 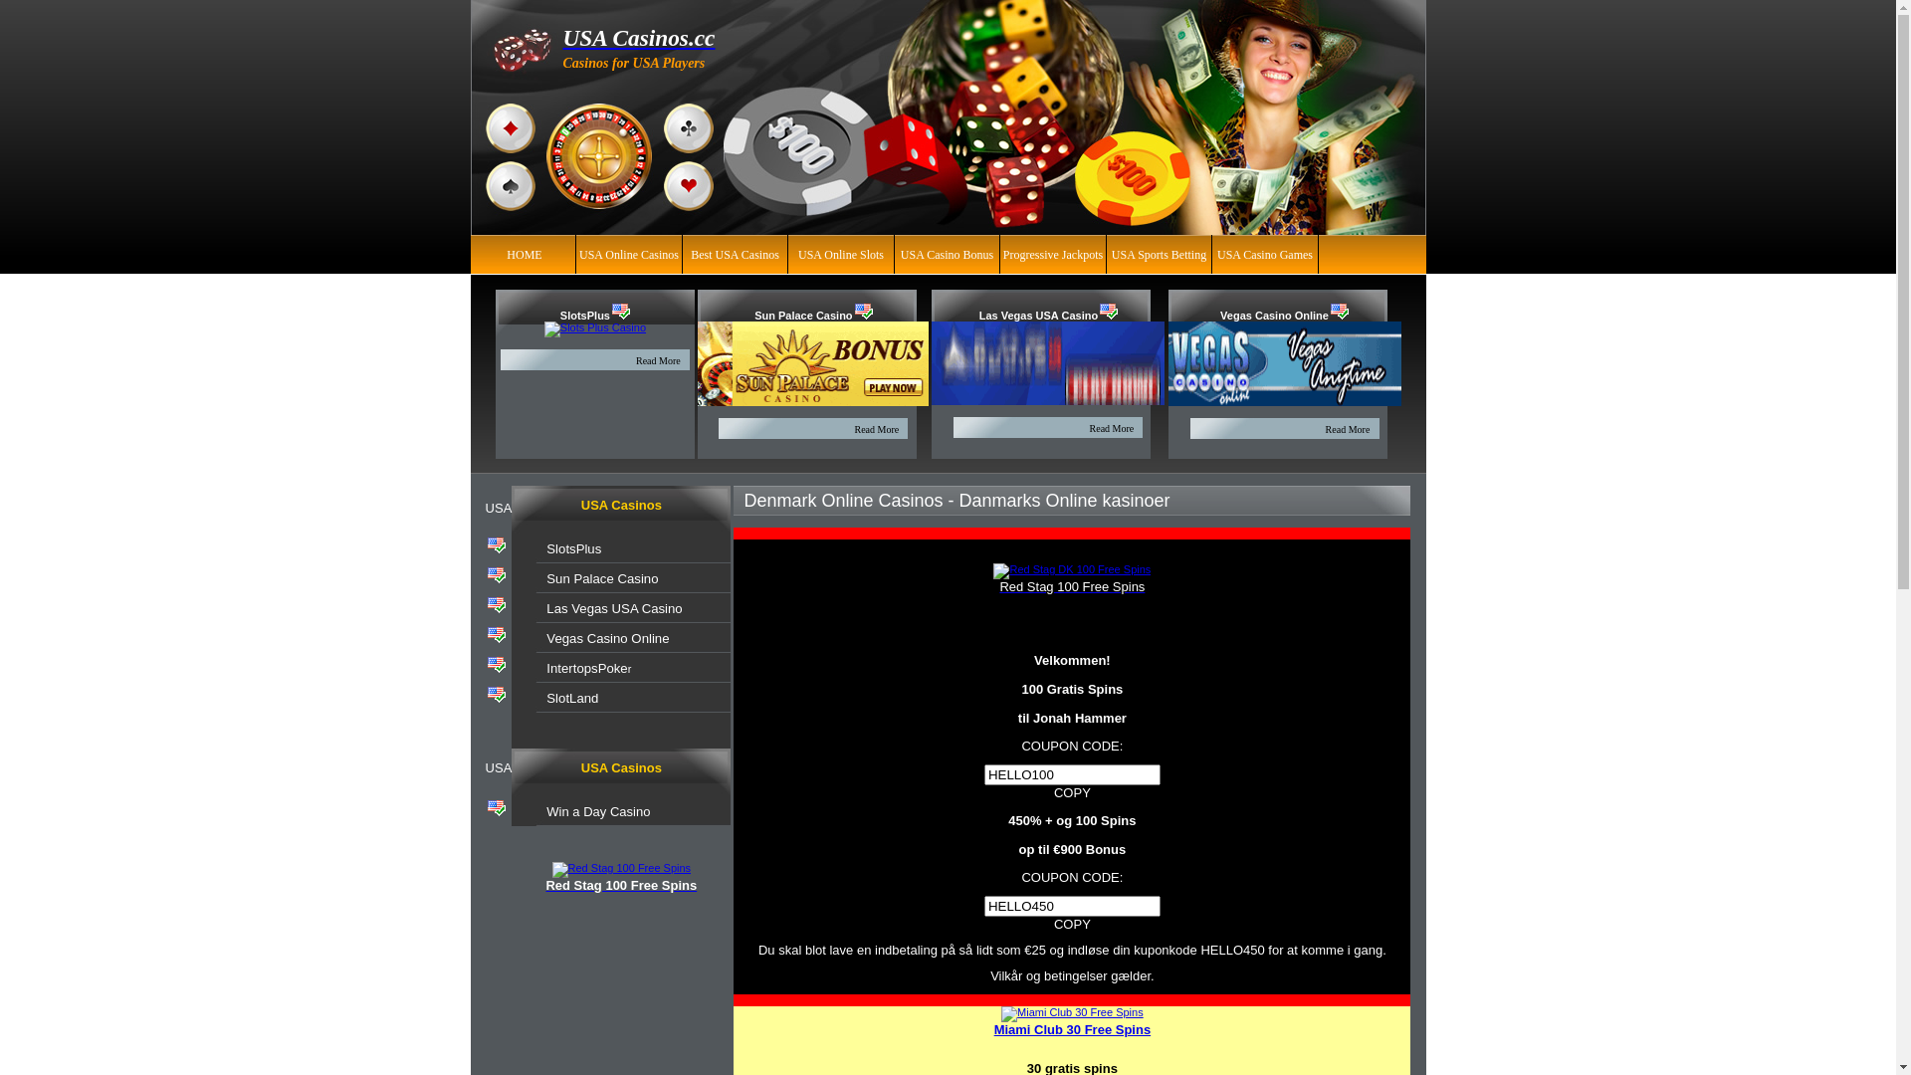 I want to click on 'Read More', so click(x=658, y=359).